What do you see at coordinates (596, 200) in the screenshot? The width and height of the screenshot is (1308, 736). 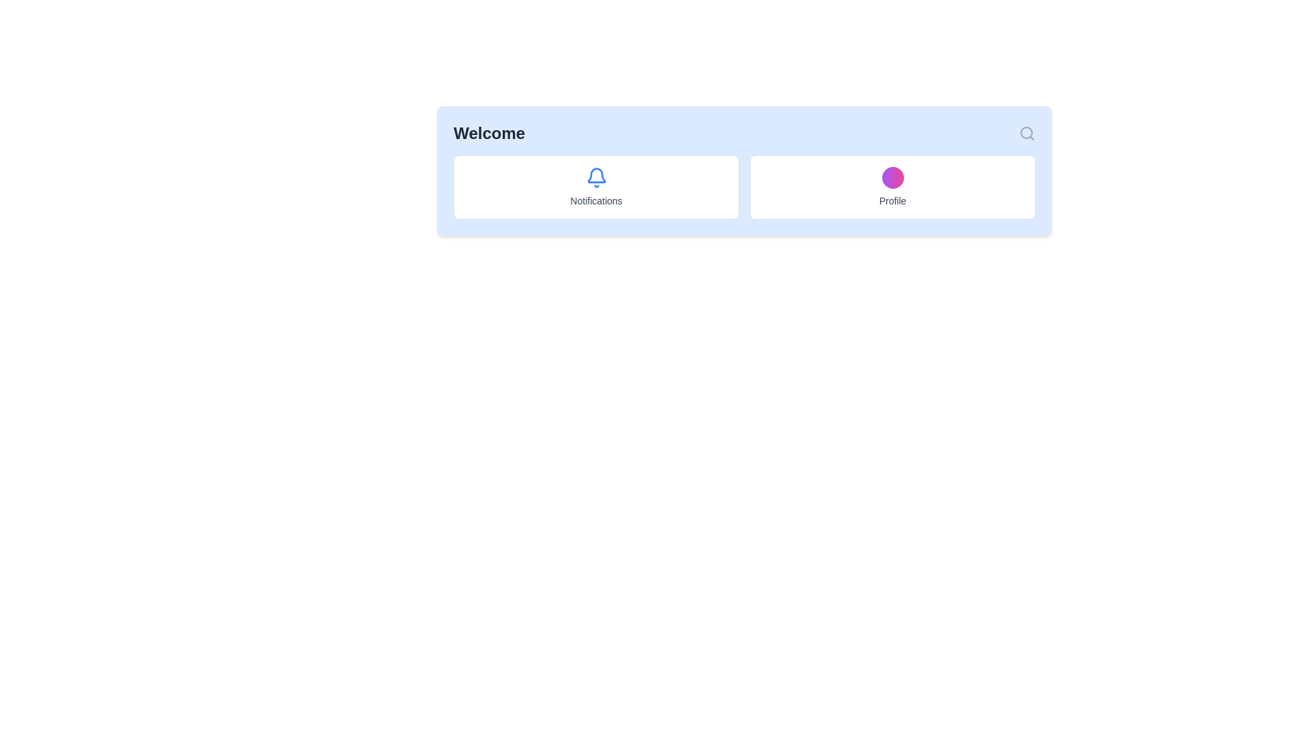 I see `the 'Notifications' text label, which is styled in gray and centrally aligned beneath a blue bell icon within a white rounded rectangle box` at bounding box center [596, 200].